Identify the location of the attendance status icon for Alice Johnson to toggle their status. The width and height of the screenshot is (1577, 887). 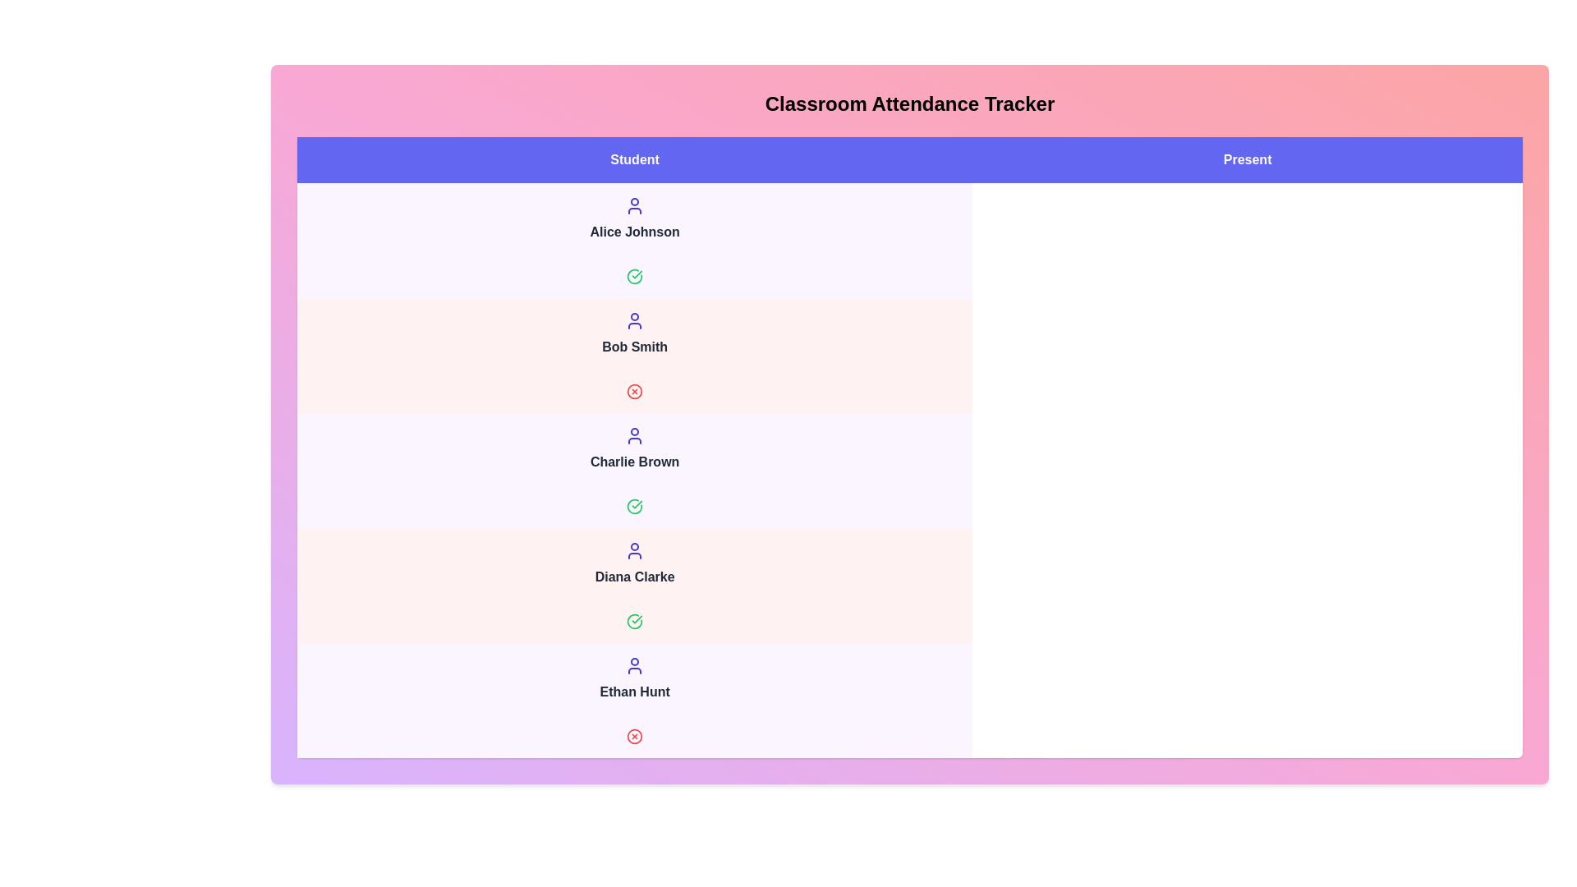
(634, 275).